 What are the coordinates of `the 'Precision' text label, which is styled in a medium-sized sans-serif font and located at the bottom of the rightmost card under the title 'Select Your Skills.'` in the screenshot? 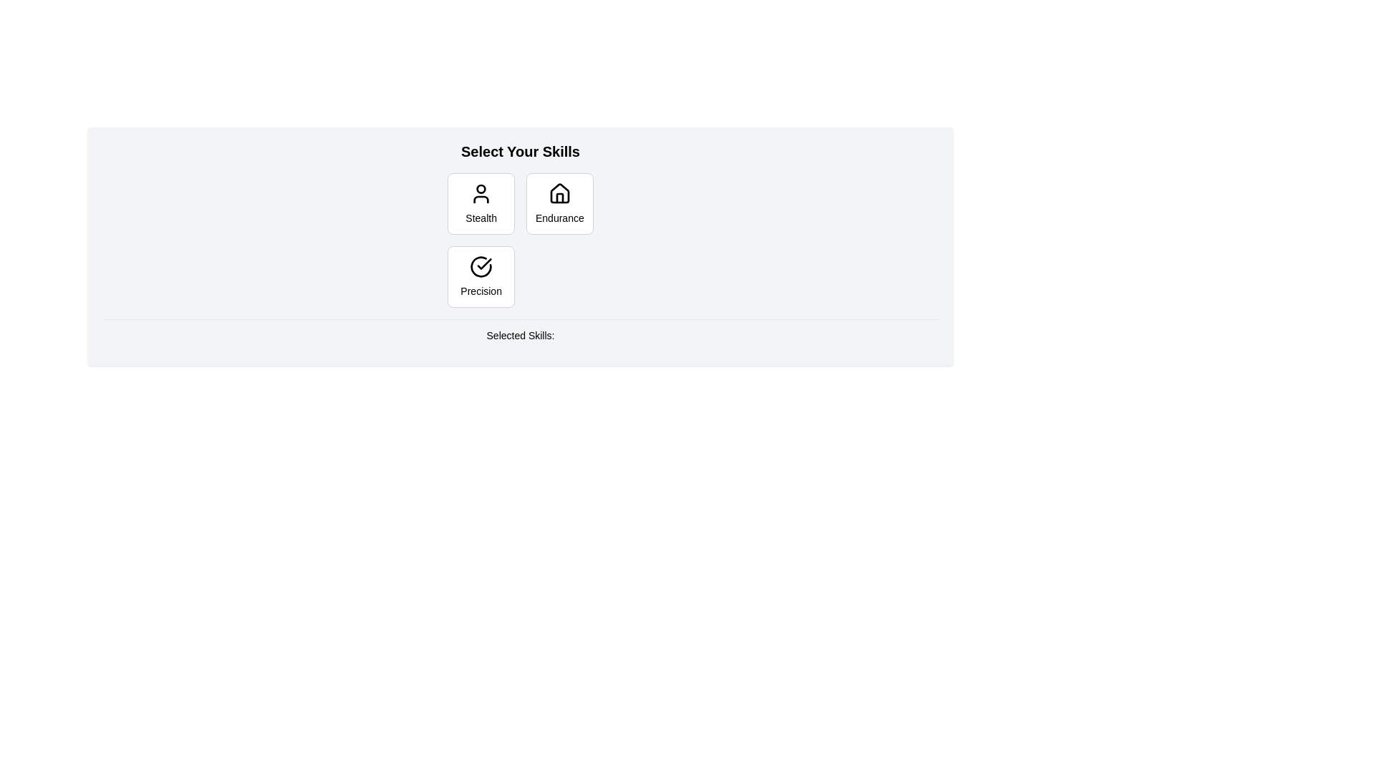 It's located at (481, 291).